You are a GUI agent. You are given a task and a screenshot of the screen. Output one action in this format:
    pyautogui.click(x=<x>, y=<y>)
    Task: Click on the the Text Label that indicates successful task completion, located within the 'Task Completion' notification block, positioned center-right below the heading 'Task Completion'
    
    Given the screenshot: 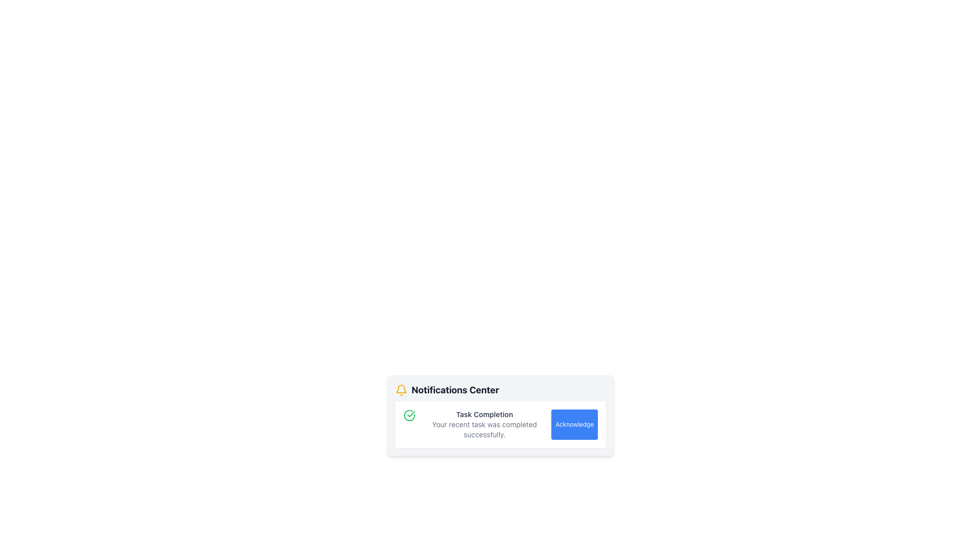 What is the action you would take?
    pyautogui.click(x=484, y=429)
    